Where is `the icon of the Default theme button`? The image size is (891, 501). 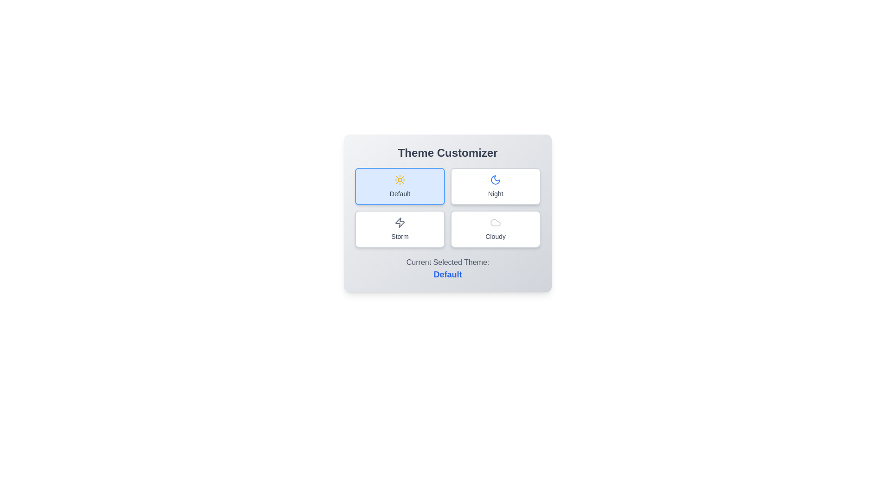 the icon of the Default theme button is located at coordinates (400, 180).